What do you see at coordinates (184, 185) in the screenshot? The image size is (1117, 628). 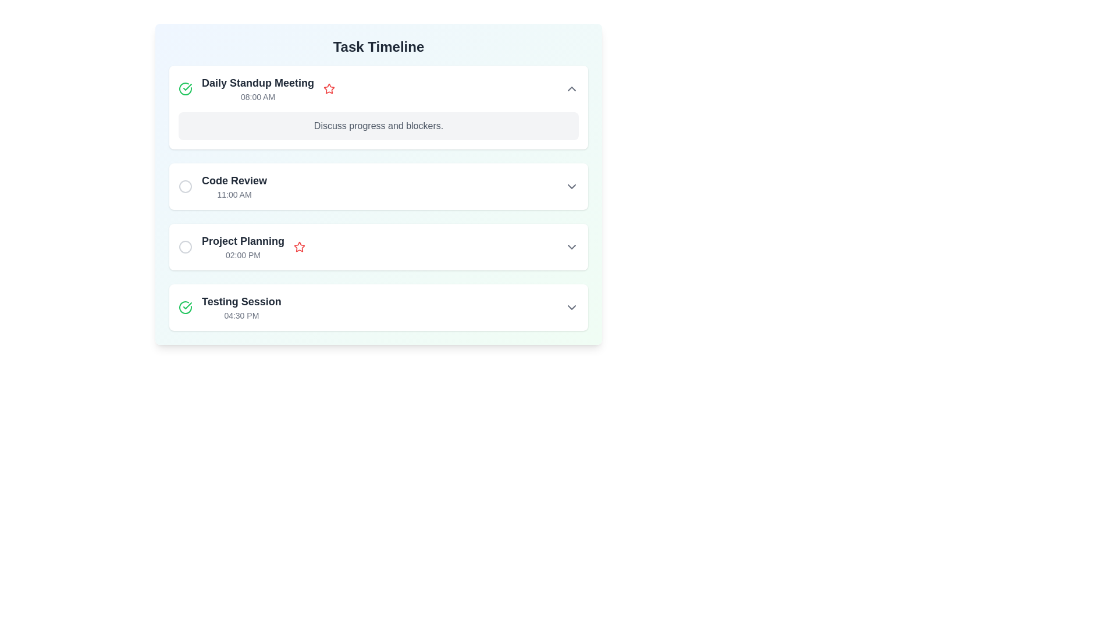 I see `the Indicator icon or status symbol located within the 'Code Review' row of the task list, which conveys the status or progress of the task` at bounding box center [184, 185].